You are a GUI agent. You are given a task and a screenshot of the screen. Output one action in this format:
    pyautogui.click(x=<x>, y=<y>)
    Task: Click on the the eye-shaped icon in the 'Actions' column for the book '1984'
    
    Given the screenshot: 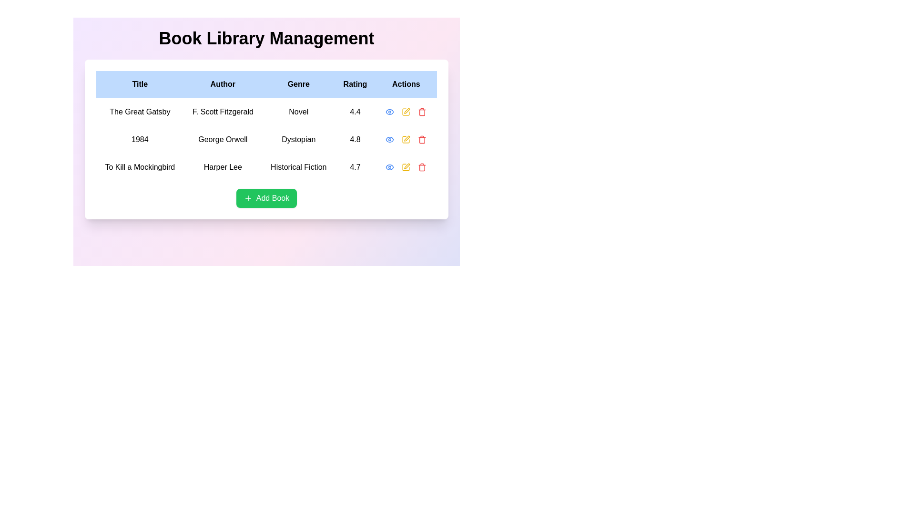 What is the action you would take?
    pyautogui.click(x=390, y=112)
    